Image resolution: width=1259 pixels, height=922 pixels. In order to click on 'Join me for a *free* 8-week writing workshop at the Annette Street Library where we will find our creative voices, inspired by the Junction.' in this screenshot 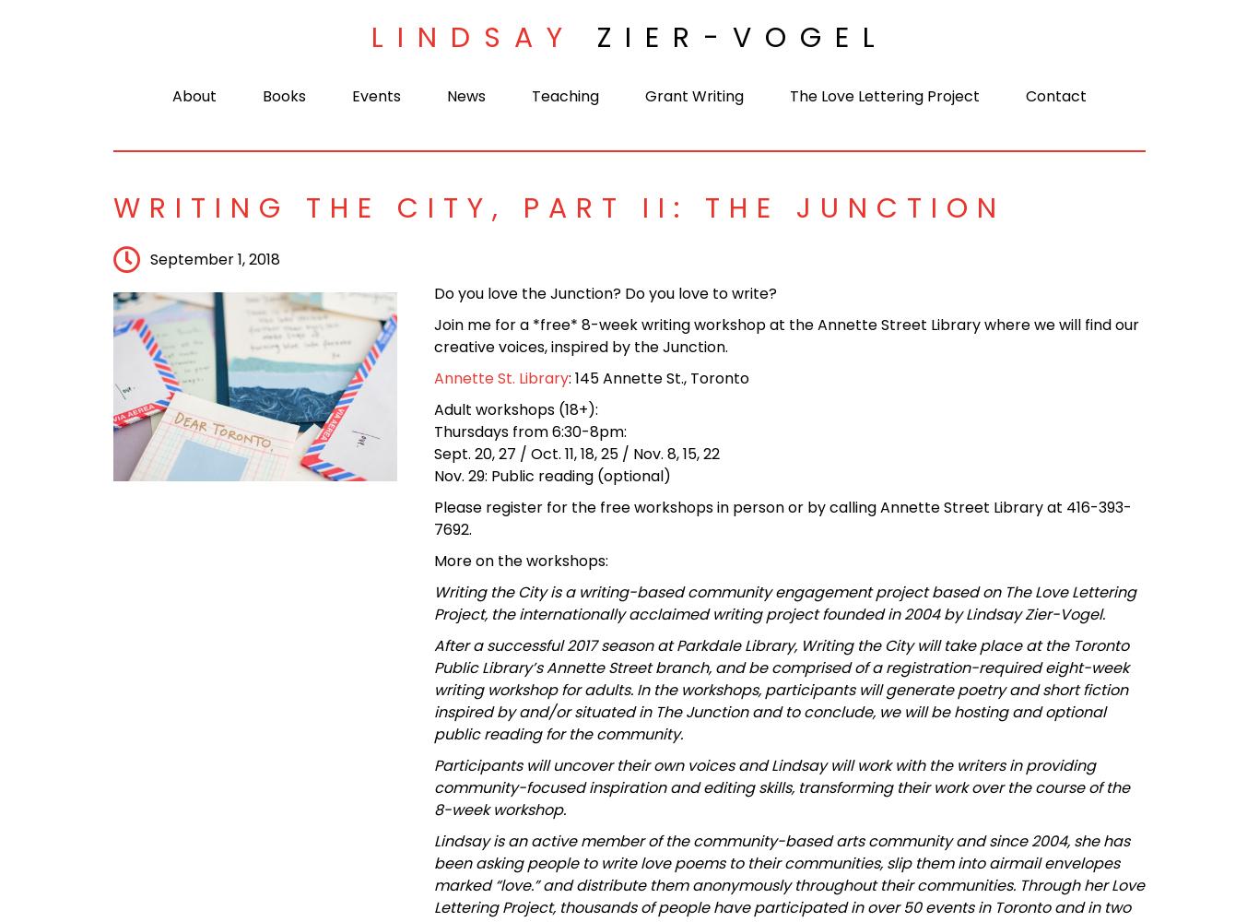, I will do `click(433, 335)`.